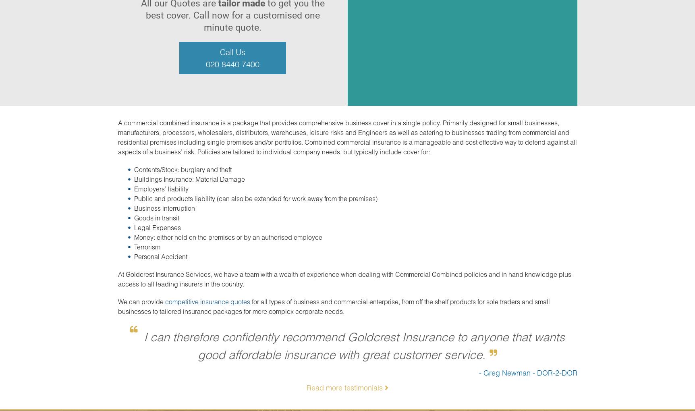 Image resolution: width=695 pixels, height=411 pixels. Describe the element at coordinates (157, 227) in the screenshot. I see `'Legal Expenses'` at that location.